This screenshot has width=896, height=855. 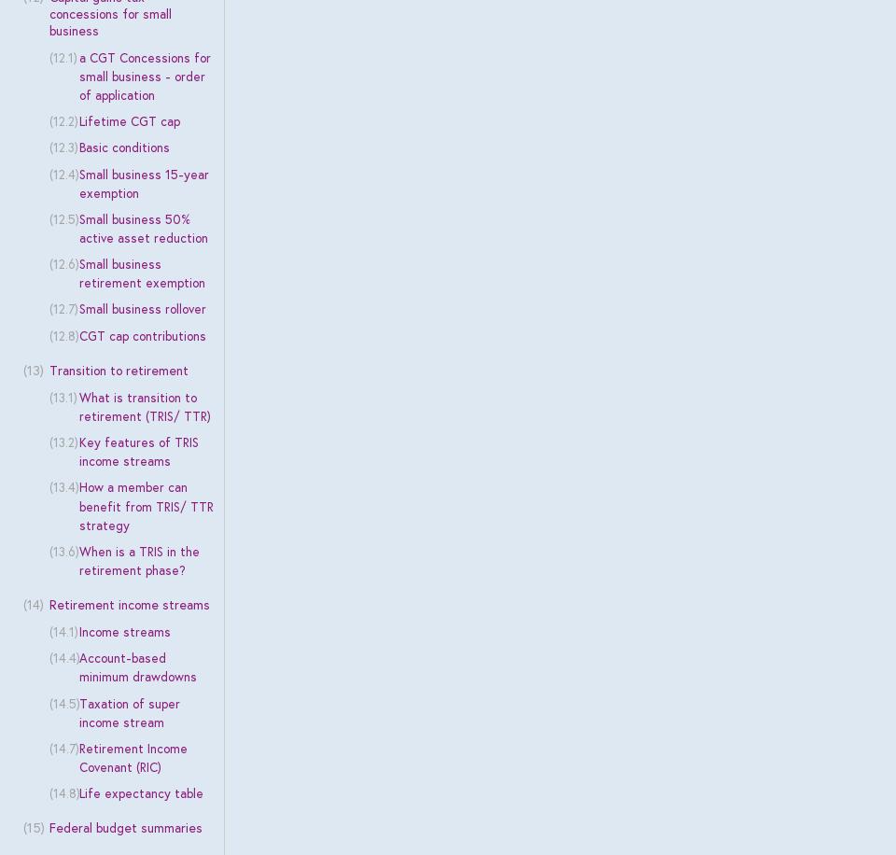 What do you see at coordinates (122, 147) in the screenshot?
I see `'Basic conditions'` at bounding box center [122, 147].